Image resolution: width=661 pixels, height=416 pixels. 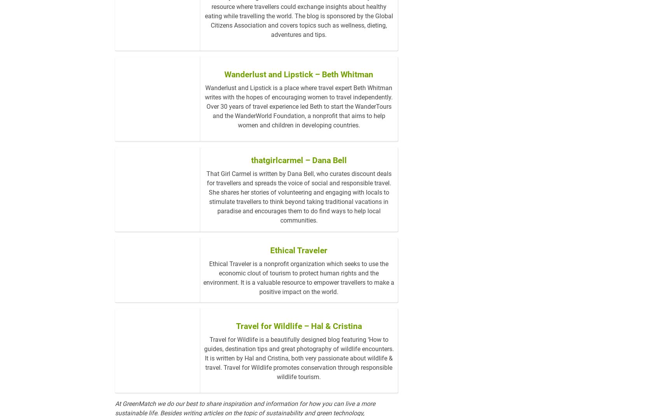 What do you see at coordinates (298, 105) in the screenshot?
I see `'Wanderlust and Lipstick – Beth Whitman'` at bounding box center [298, 105].